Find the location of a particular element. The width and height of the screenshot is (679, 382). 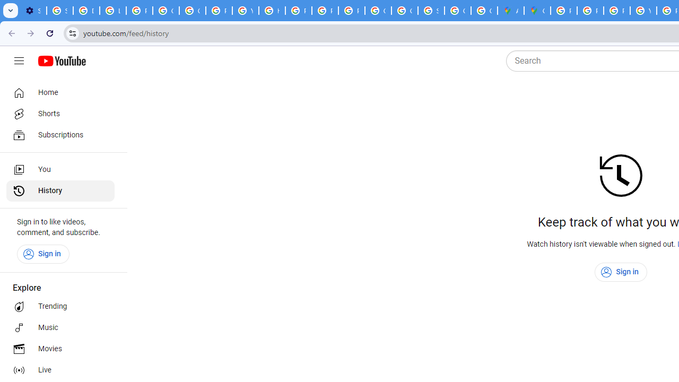

'Privacy Help Center - Policies Help' is located at coordinates (616, 11).